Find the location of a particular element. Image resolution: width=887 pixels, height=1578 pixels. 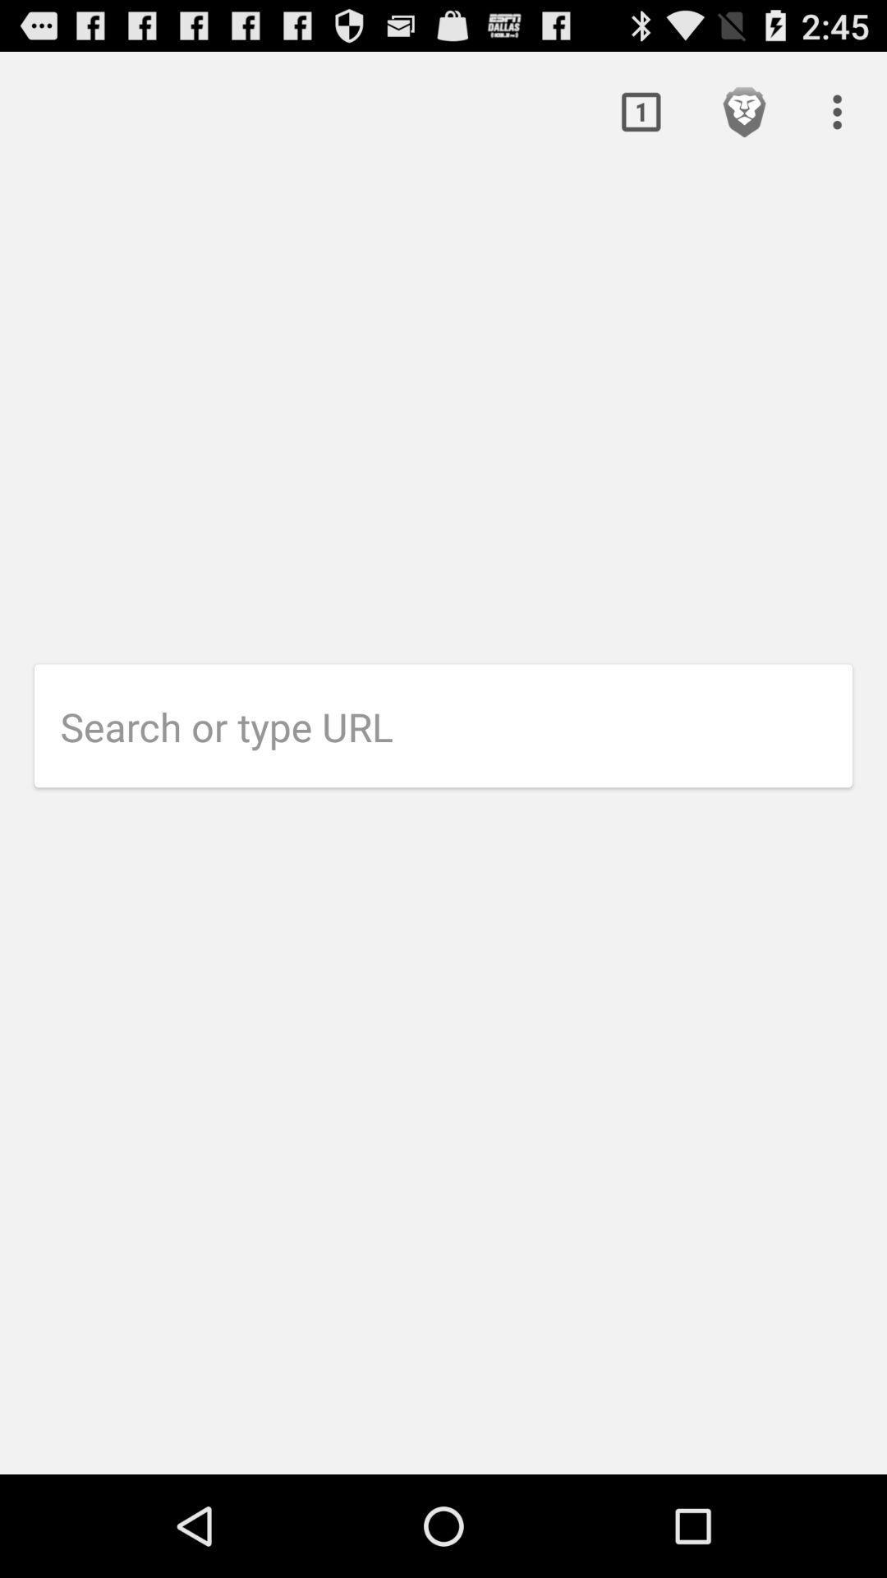

url is located at coordinates (456, 726).